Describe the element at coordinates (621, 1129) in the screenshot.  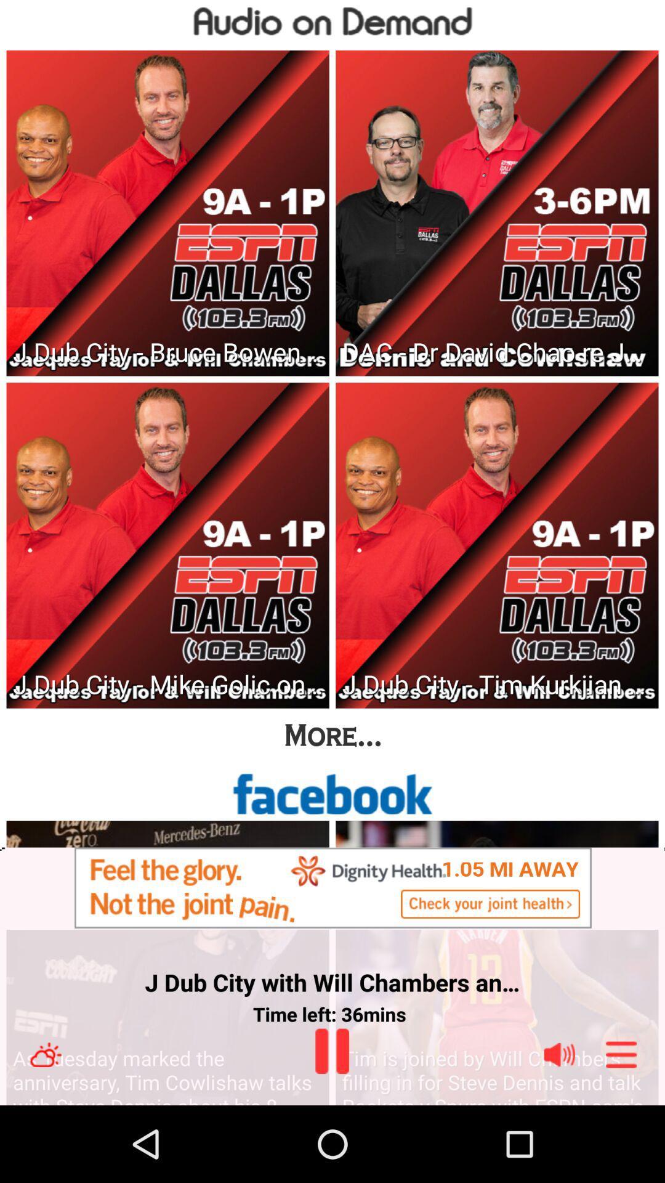
I see `the menu icon` at that location.